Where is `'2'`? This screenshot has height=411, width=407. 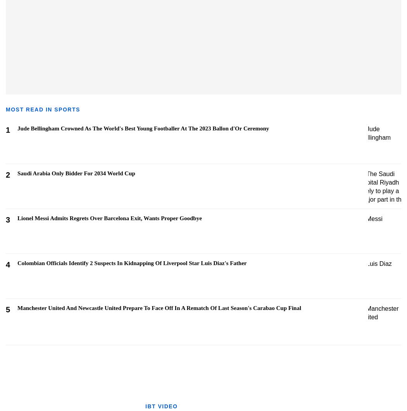
'2' is located at coordinates (6, 174).